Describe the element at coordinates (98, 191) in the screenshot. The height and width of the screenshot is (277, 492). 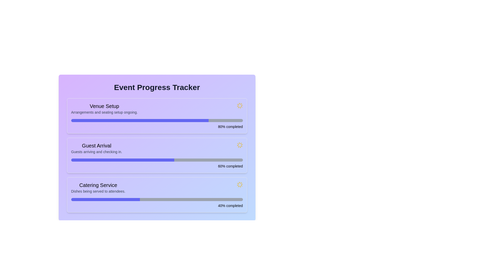
I see `text content located directly below the 'Catering Service' text in the event progress tracker, which describes the current activity or status related to catering` at that location.